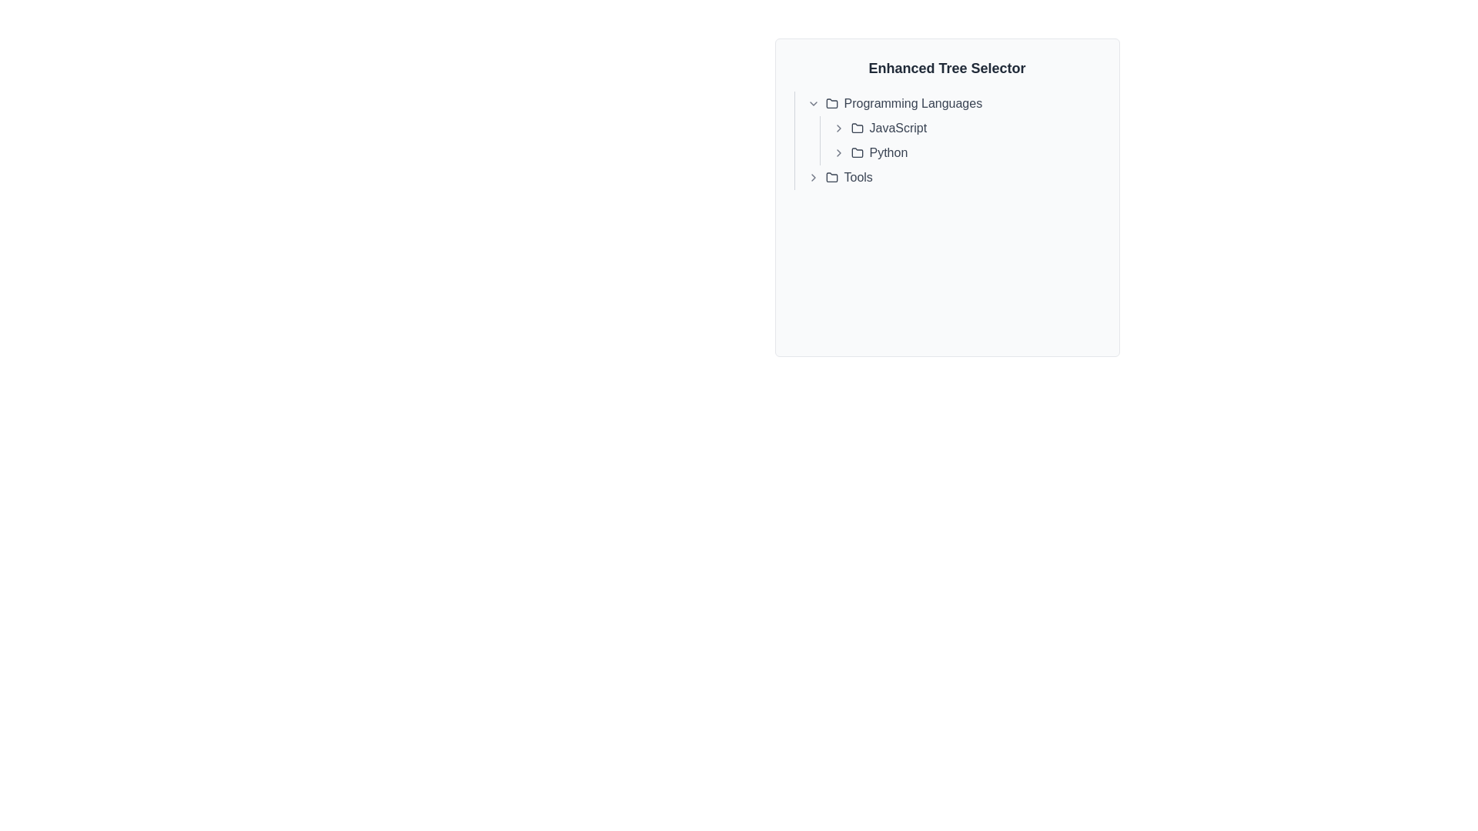  What do you see at coordinates (812, 177) in the screenshot?
I see `the chevron icon` at bounding box center [812, 177].